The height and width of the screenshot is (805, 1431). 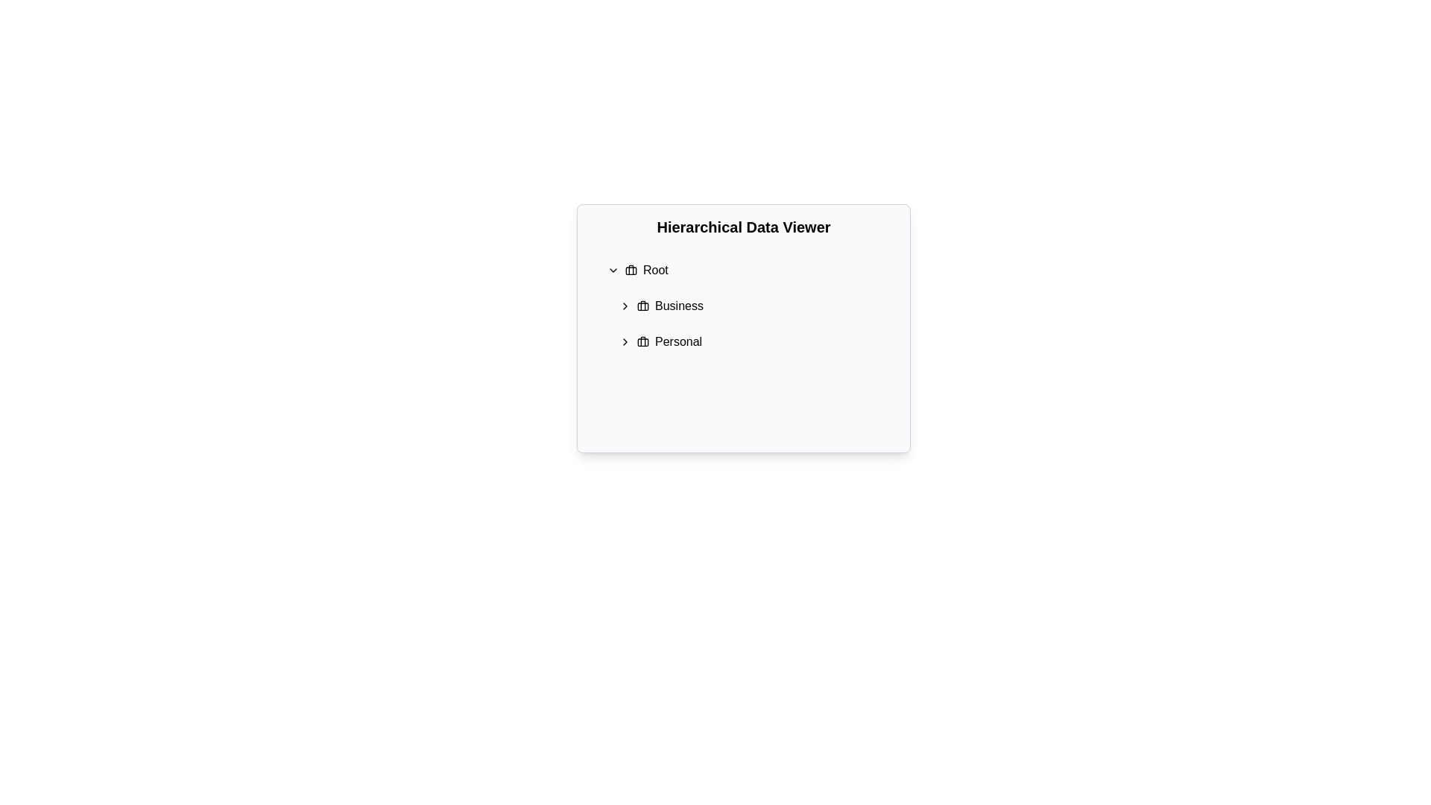 What do you see at coordinates (678, 306) in the screenshot?
I see `the 'Business' label, which is the second option in the vertically-stacked menu layout` at bounding box center [678, 306].